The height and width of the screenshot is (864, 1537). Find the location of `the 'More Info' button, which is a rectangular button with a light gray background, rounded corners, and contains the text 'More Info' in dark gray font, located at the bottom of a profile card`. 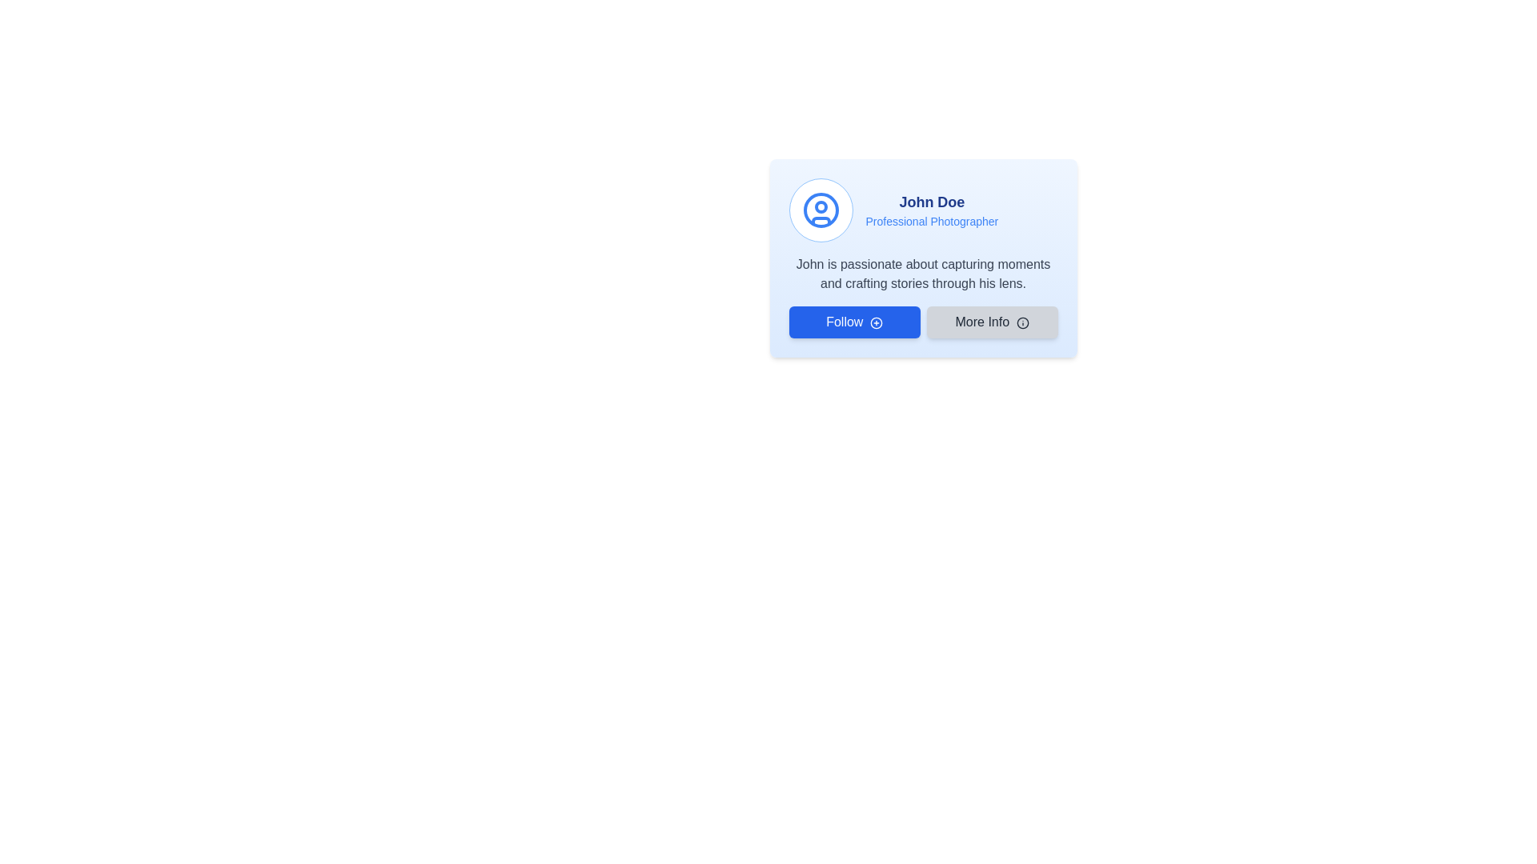

the 'More Info' button, which is a rectangular button with a light gray background, rounded corners, and contains the text 'More Info' in dark gray font, located at the bottom of a profile card is located at coordinates (991, 322).